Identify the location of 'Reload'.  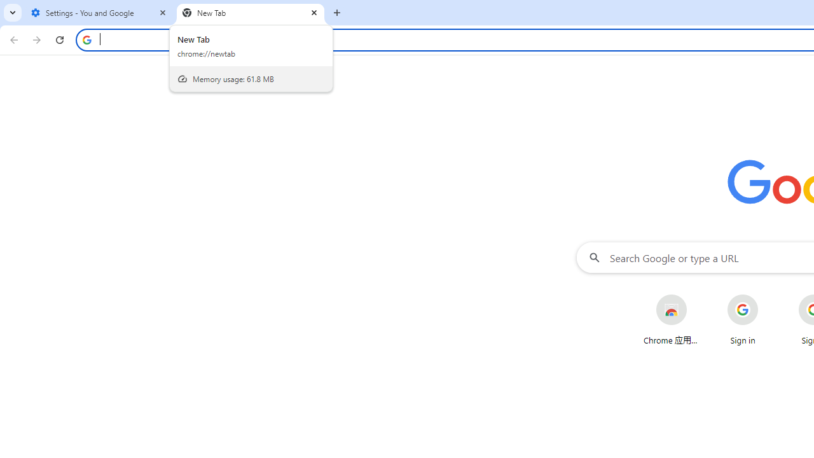
(59, 39).